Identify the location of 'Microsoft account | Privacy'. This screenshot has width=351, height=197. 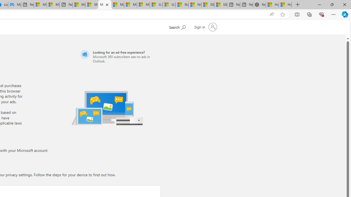
(104, 5).